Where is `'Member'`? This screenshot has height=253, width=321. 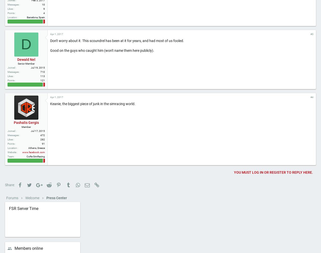 'Member' is located at coordinates (26, 144).